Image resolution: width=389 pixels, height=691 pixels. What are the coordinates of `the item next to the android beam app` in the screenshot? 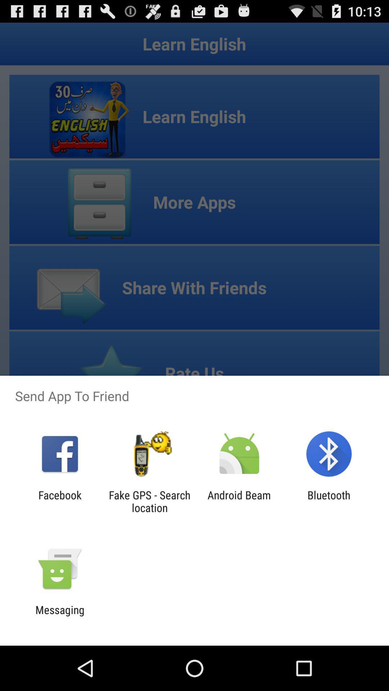 It's located at (149, 501).